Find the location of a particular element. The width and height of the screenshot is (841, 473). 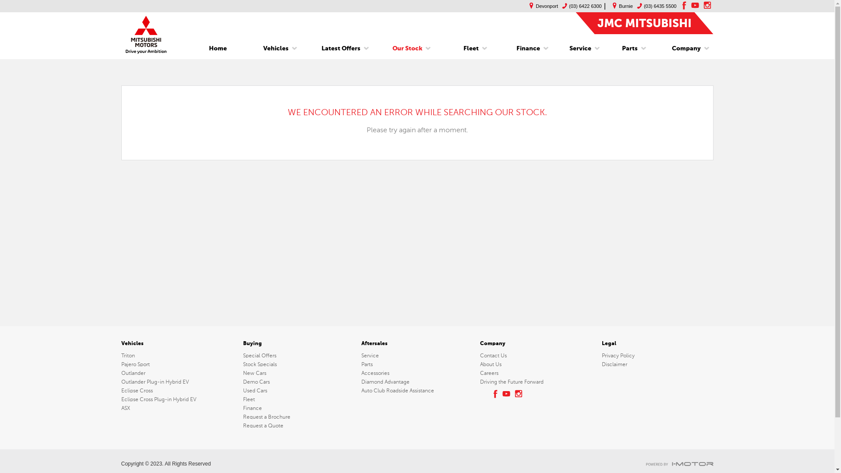

'Company' is located at coordinates (682, 49).